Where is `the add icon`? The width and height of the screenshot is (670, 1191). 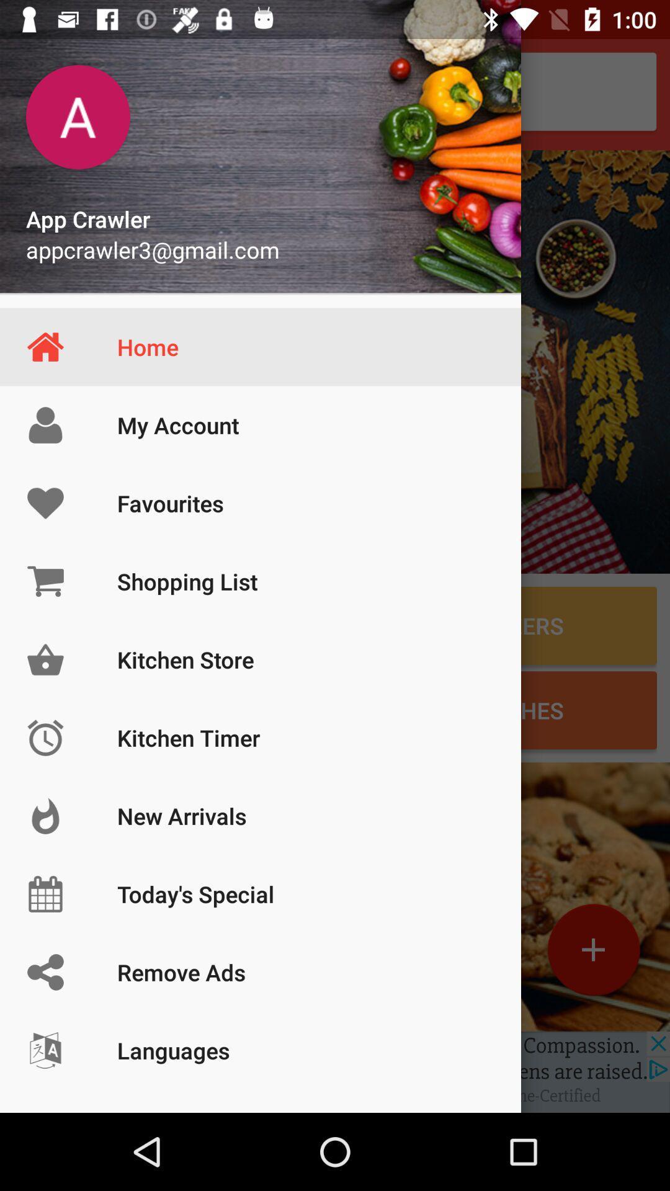 the add icon is located at coordinates (592, 954).